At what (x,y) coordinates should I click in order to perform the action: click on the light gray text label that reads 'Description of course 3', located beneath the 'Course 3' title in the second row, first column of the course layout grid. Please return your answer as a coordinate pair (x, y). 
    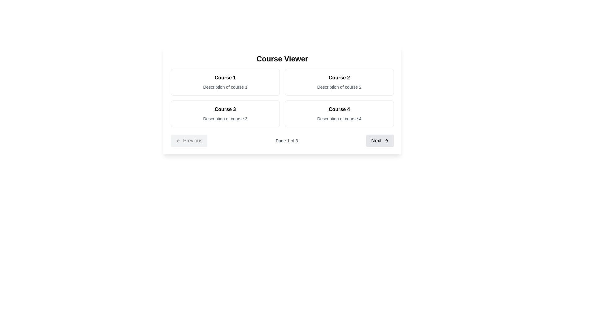
    Looking at the image, I should click on (225, 118).